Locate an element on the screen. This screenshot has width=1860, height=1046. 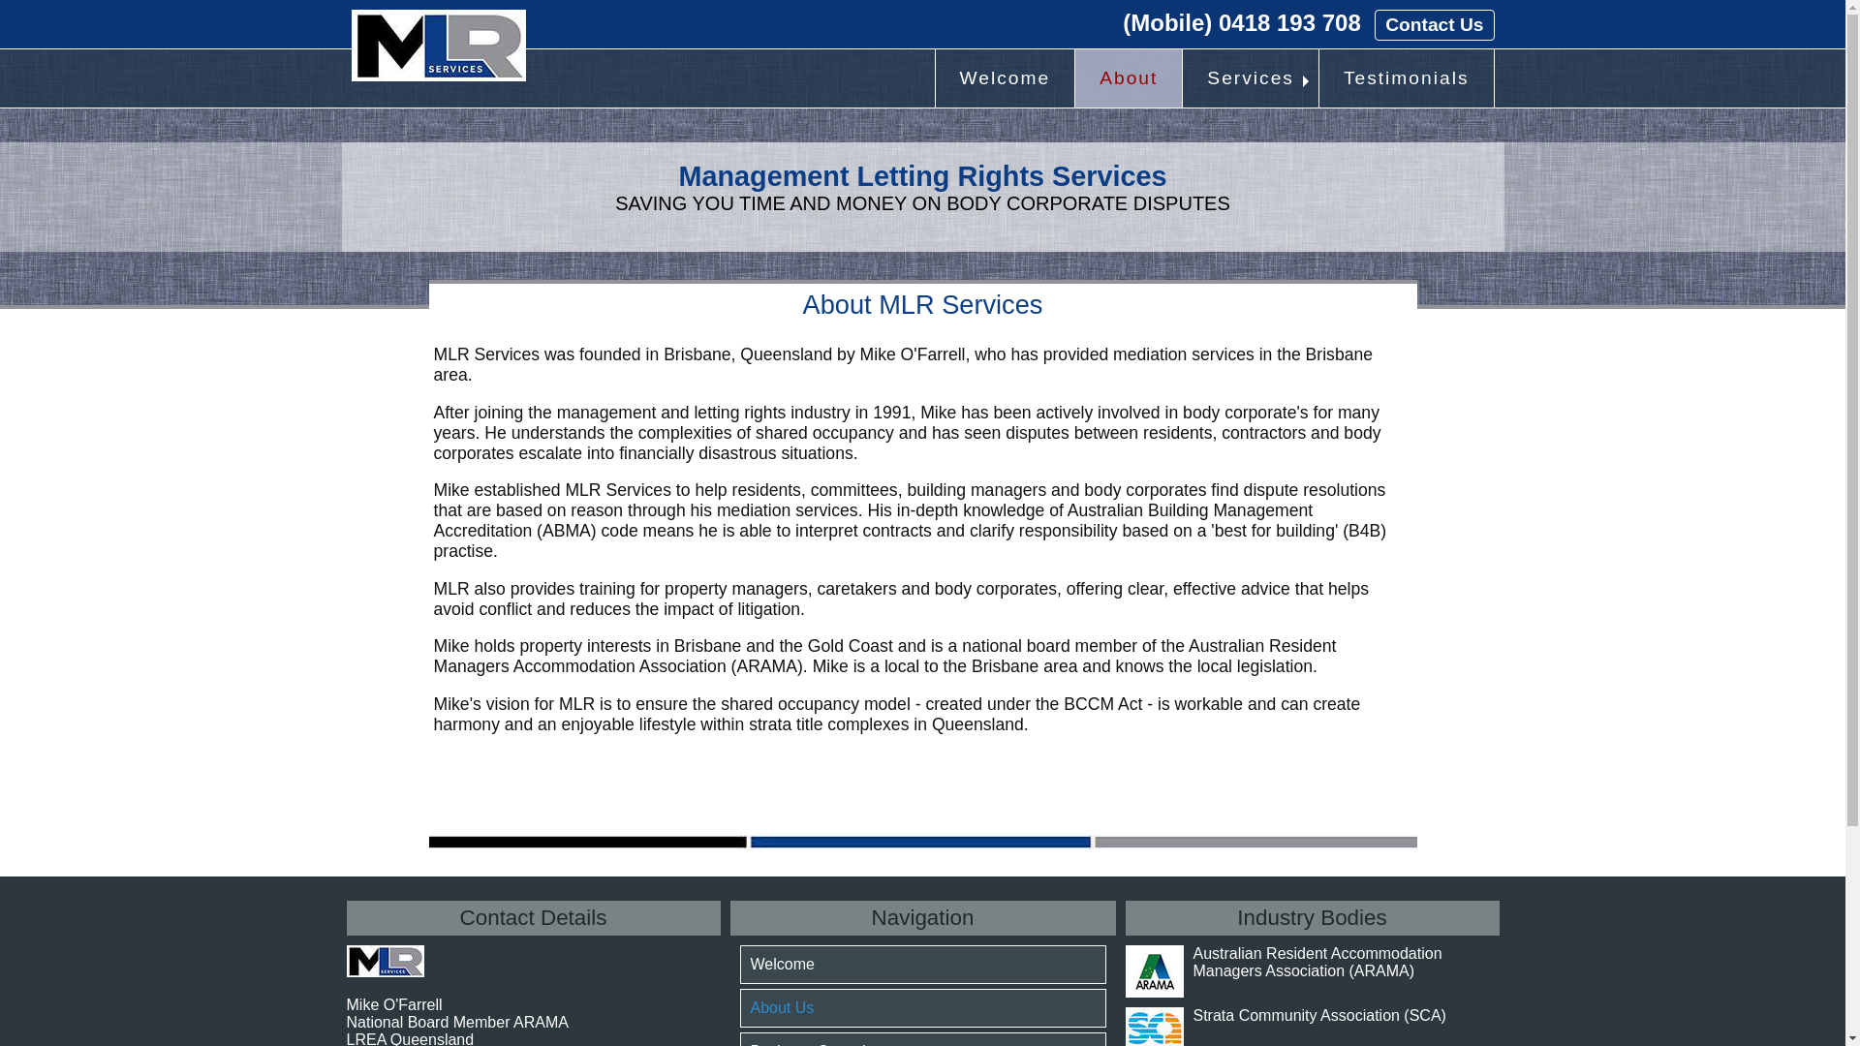
'About' is located at coordinates (1129, 77).